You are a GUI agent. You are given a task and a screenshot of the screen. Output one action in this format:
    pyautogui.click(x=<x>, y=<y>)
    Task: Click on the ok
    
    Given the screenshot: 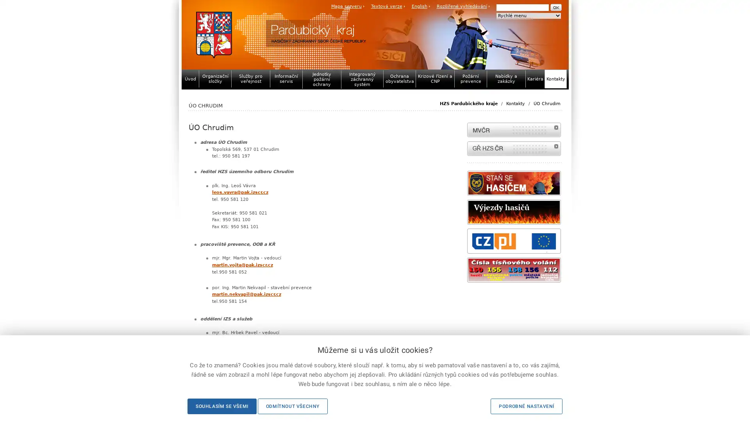 What is the action you would take?
    pyautogui.click(x=555, y=7)
    